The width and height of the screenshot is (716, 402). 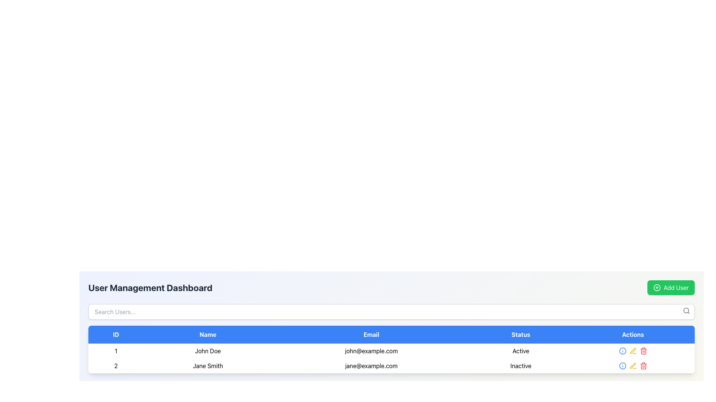 I want to click on the 'Status' static text label, which is styled with white font on a blue background and is located in the fourth column of the header row in the table, so click(x=520, y=334).